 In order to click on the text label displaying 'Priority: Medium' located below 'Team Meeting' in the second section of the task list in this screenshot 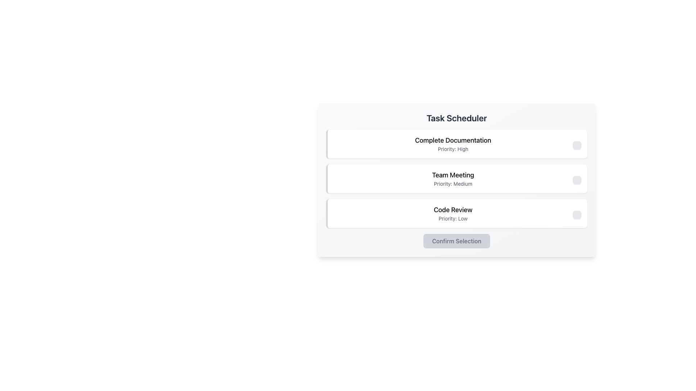, I will do `click(452, 184)`.